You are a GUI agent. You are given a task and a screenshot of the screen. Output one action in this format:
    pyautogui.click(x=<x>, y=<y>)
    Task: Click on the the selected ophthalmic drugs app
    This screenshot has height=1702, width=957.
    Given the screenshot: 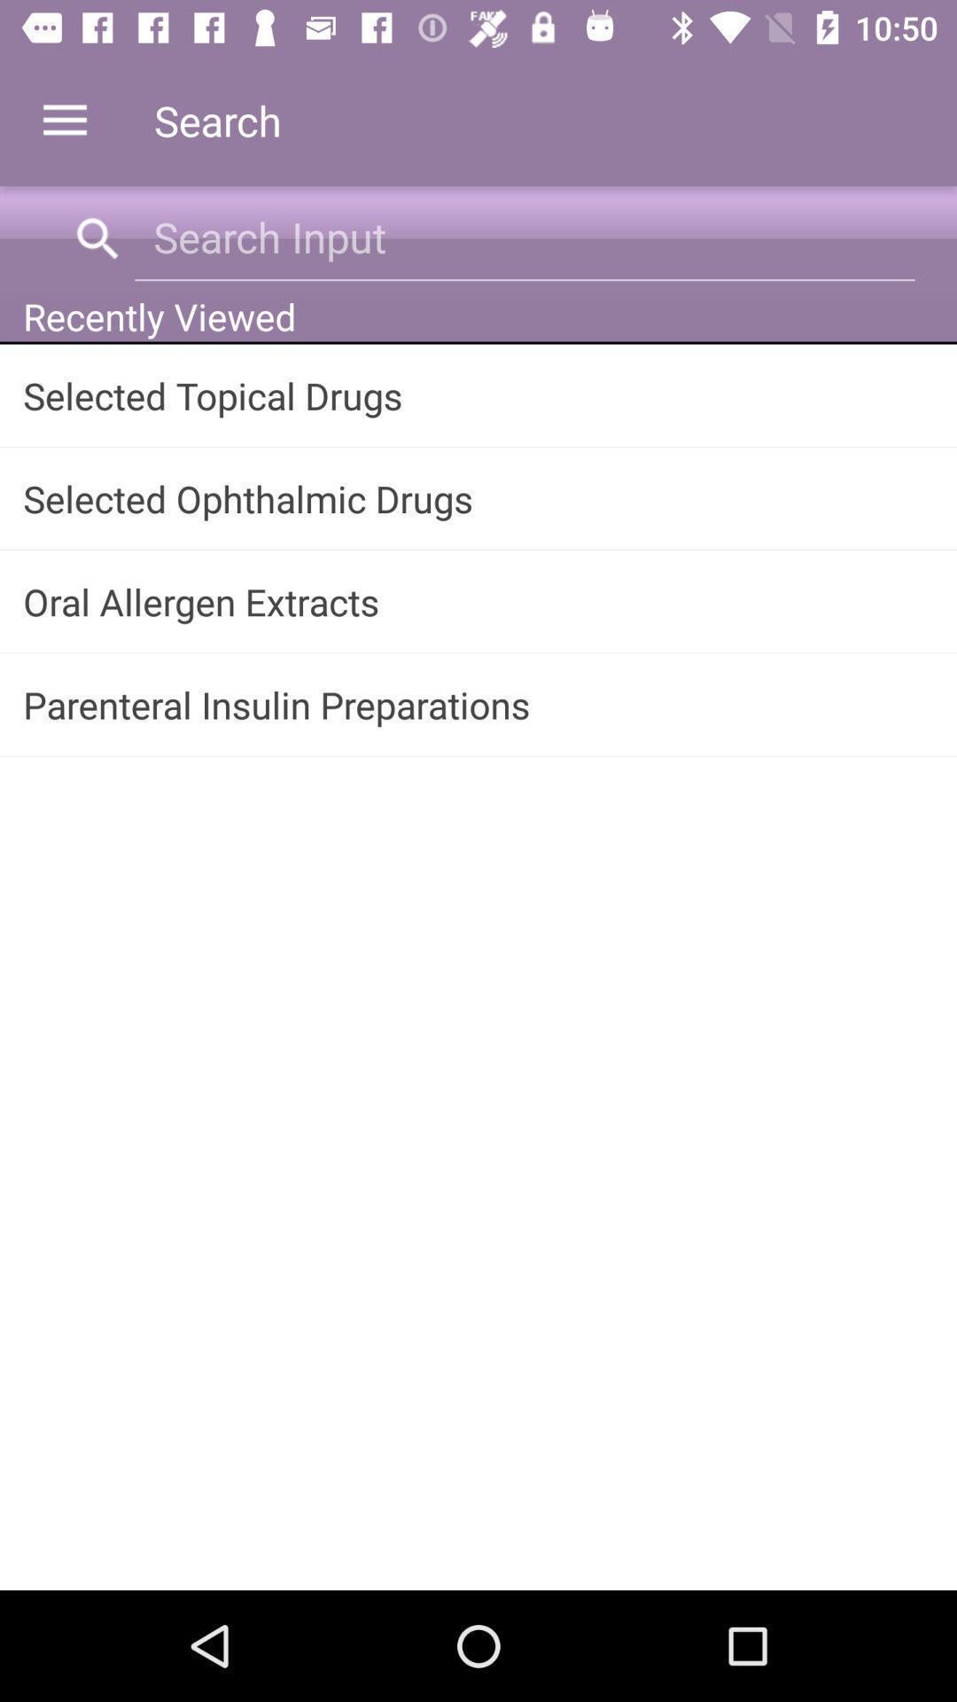 What is the action you would take?
    pyautogui.click(x=478, y=497)
    